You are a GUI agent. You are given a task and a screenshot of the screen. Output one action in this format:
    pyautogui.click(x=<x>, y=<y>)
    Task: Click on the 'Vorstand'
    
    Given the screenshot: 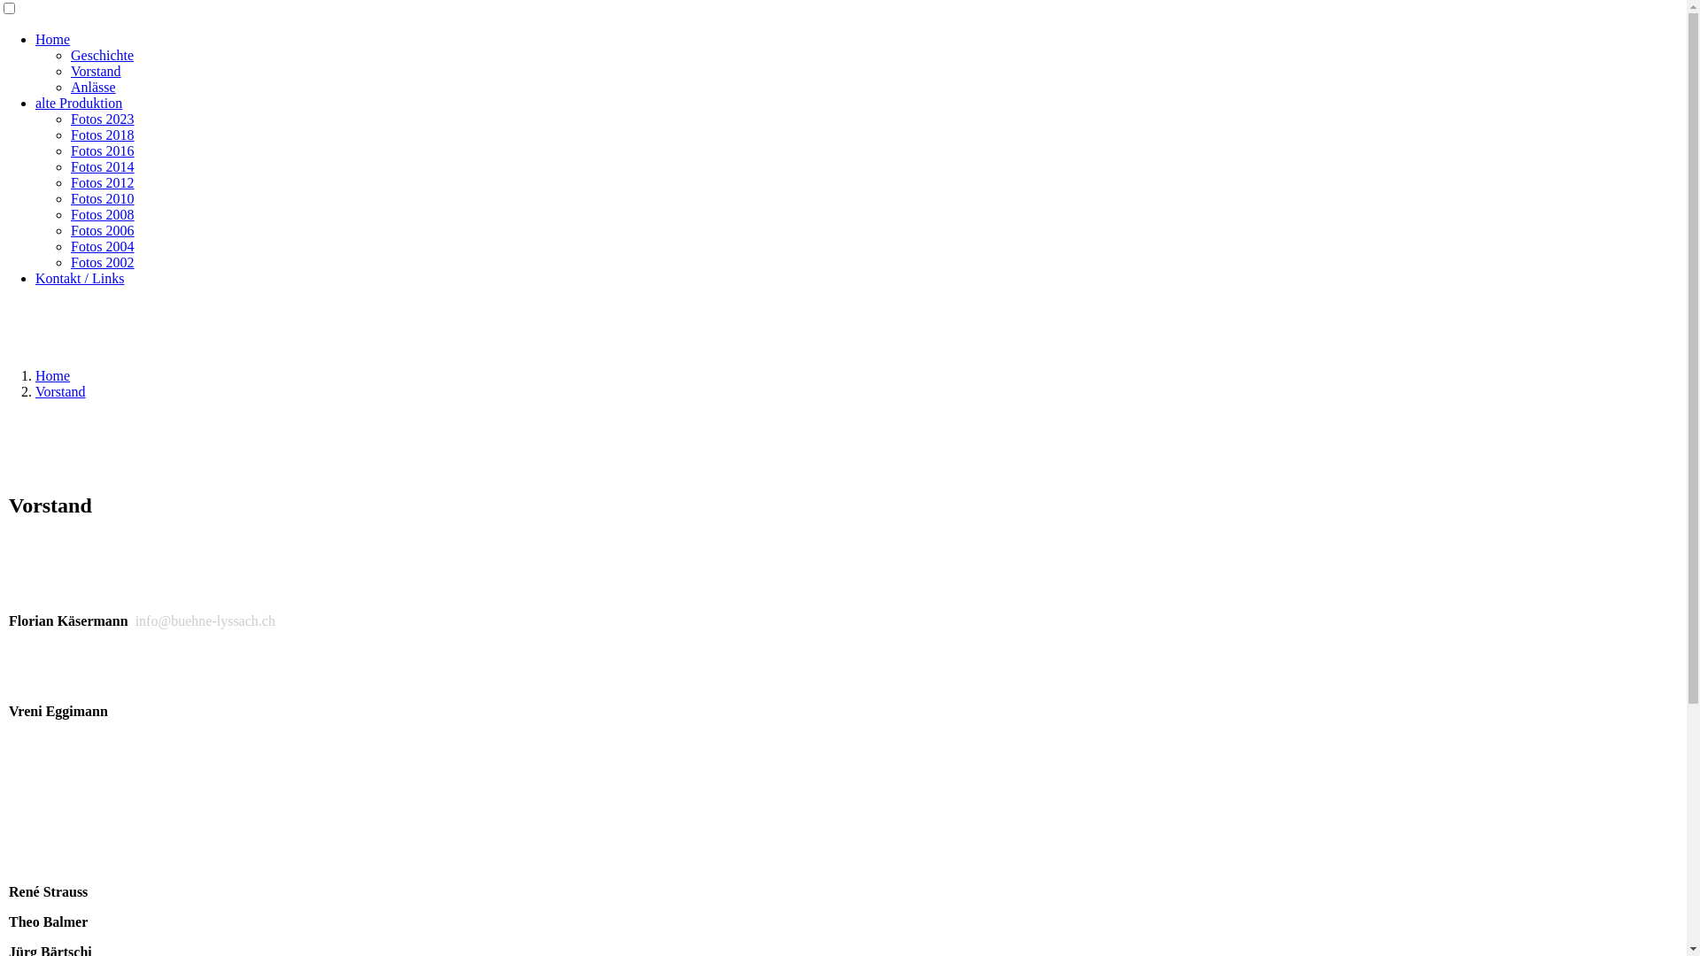 What is the action you would take?
    pyautogui.click(x=35, y=390)
    